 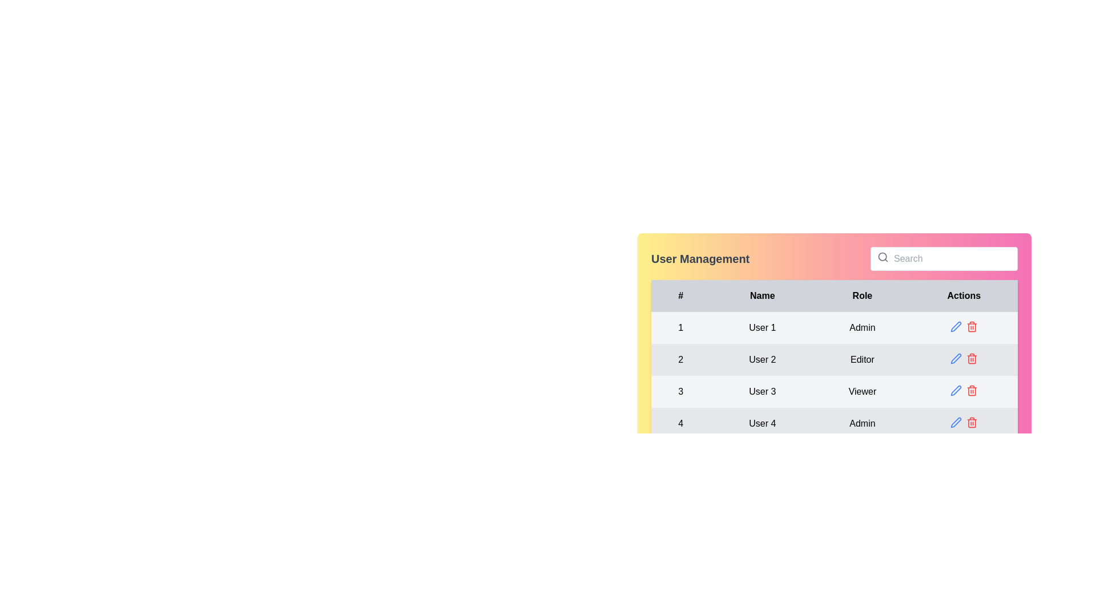 What do you see at coordinates (971, 391) in the screenshot?
I see `the red trash can icon button located in the 'Actions' column of the third row in the 'User Management' table` at bounding box center [971, 391].